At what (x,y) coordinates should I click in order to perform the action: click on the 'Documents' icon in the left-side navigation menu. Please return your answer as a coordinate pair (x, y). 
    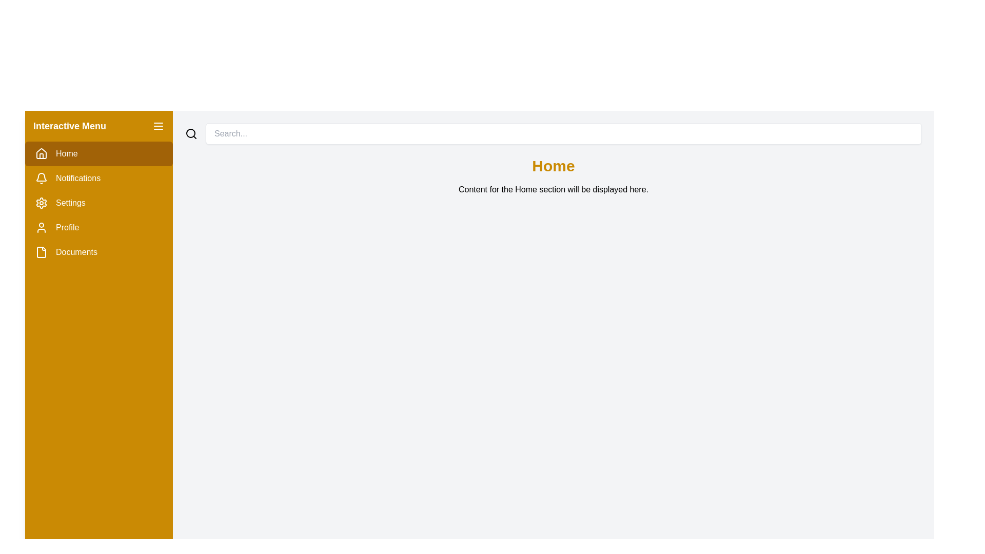
    Looking at the image, I should click on (41, 252).